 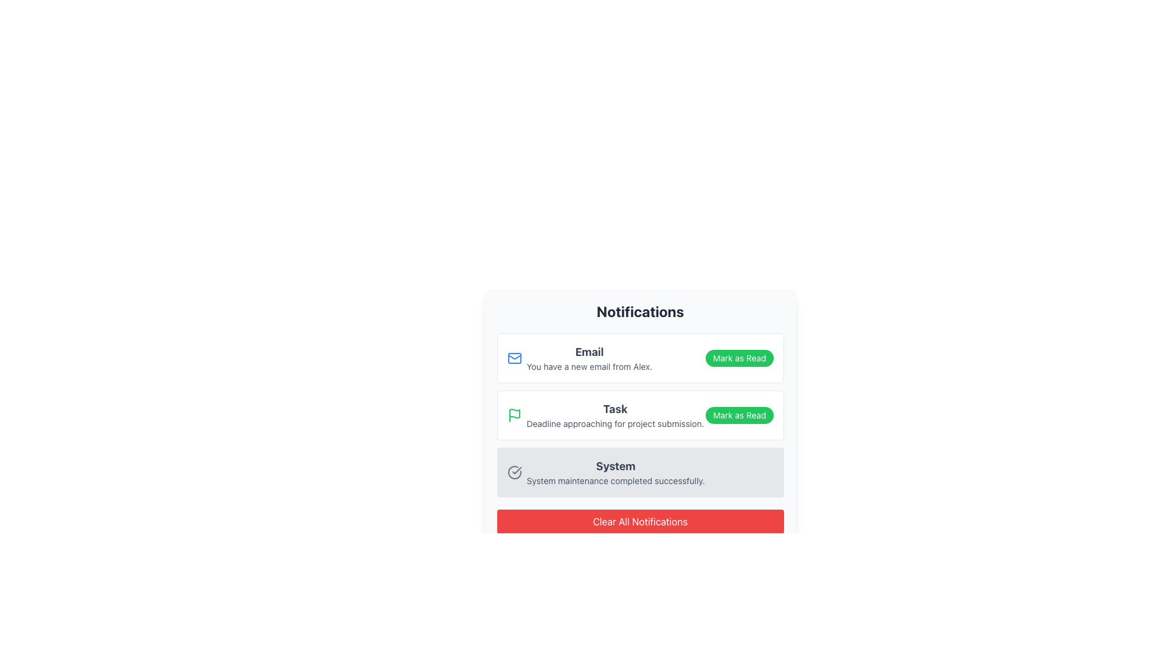 I want to click on the third notification card in the notifications list, which indicates that a system maintenance task has been successfully completed, so click(x=606, y=472).